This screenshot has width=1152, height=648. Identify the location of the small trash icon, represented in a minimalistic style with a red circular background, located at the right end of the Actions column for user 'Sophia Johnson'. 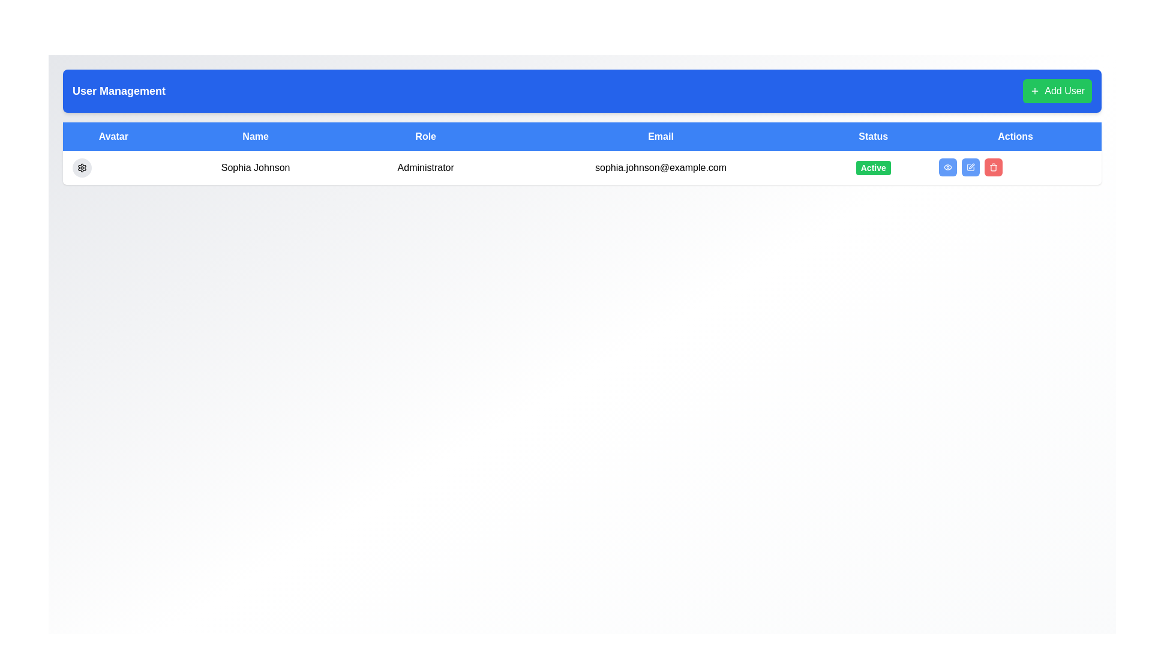
(994, 167).